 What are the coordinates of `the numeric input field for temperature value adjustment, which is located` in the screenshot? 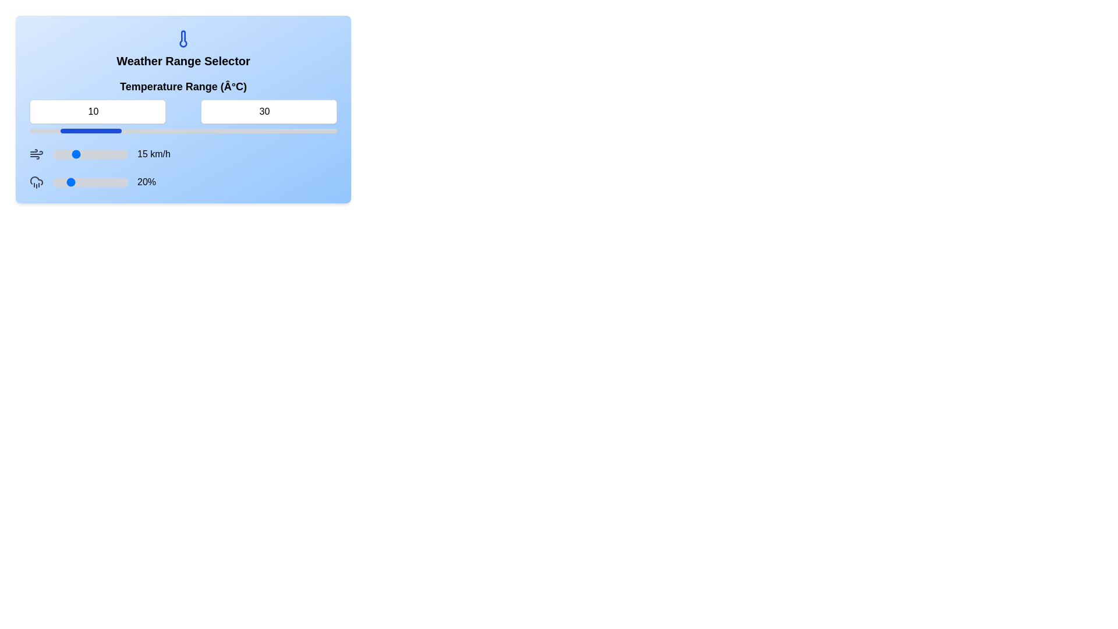 It's located at (268, 112).